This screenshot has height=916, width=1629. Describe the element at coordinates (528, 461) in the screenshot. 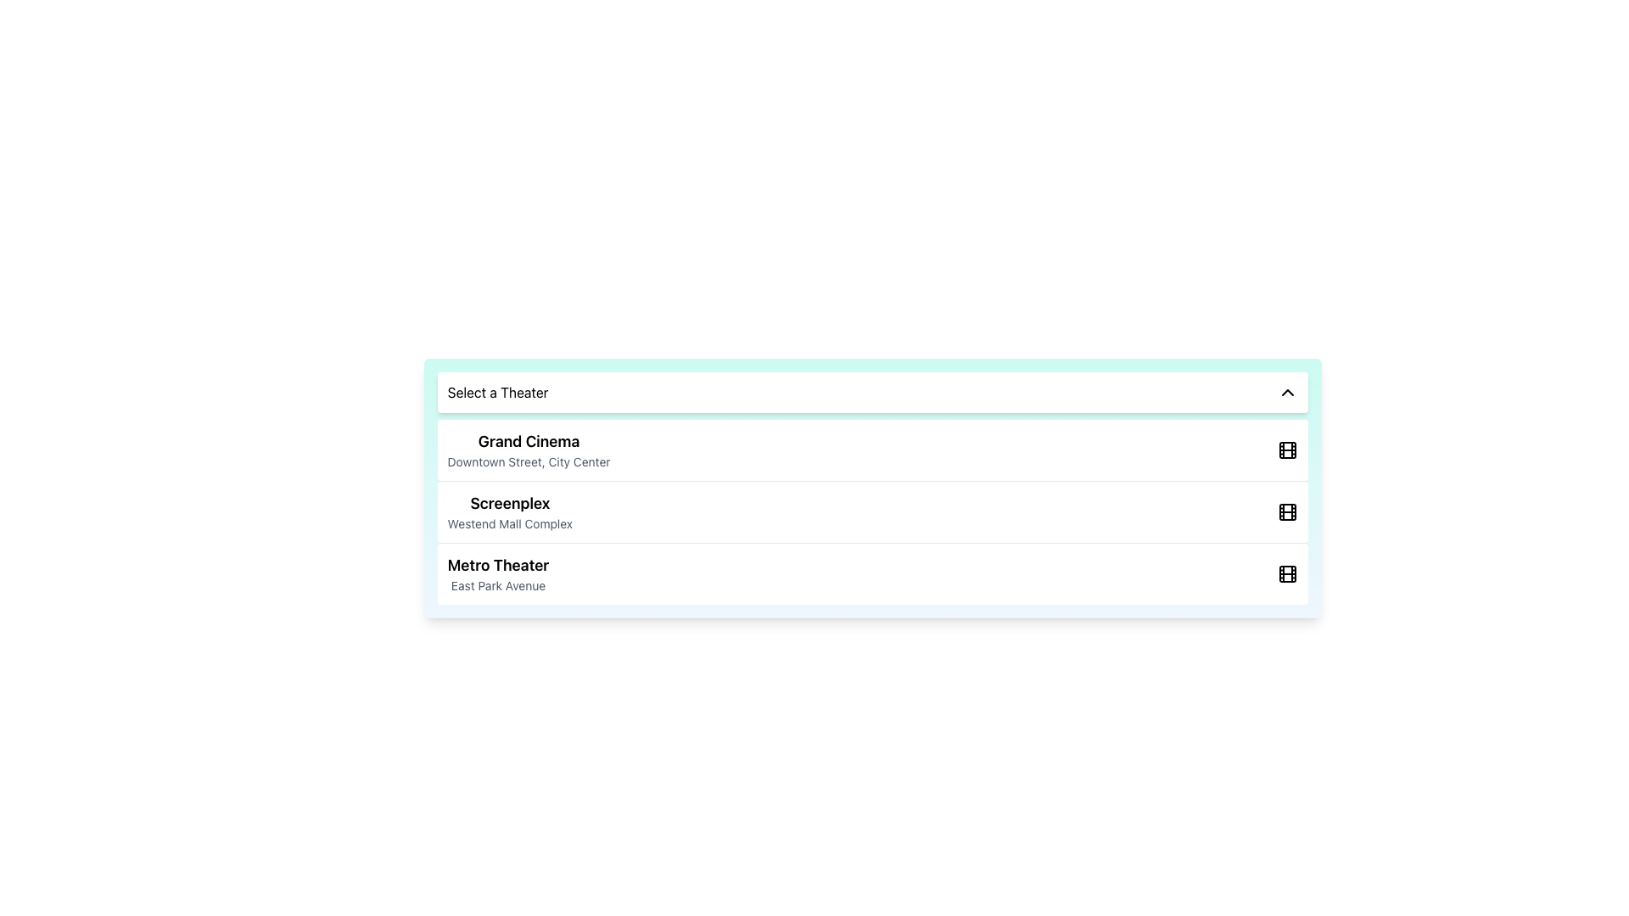

I see `the text label displaying 'Downtown Street, City Center' located beneath 'Grand Cinema' in the dropdown menu for selecting a theater` at that location.